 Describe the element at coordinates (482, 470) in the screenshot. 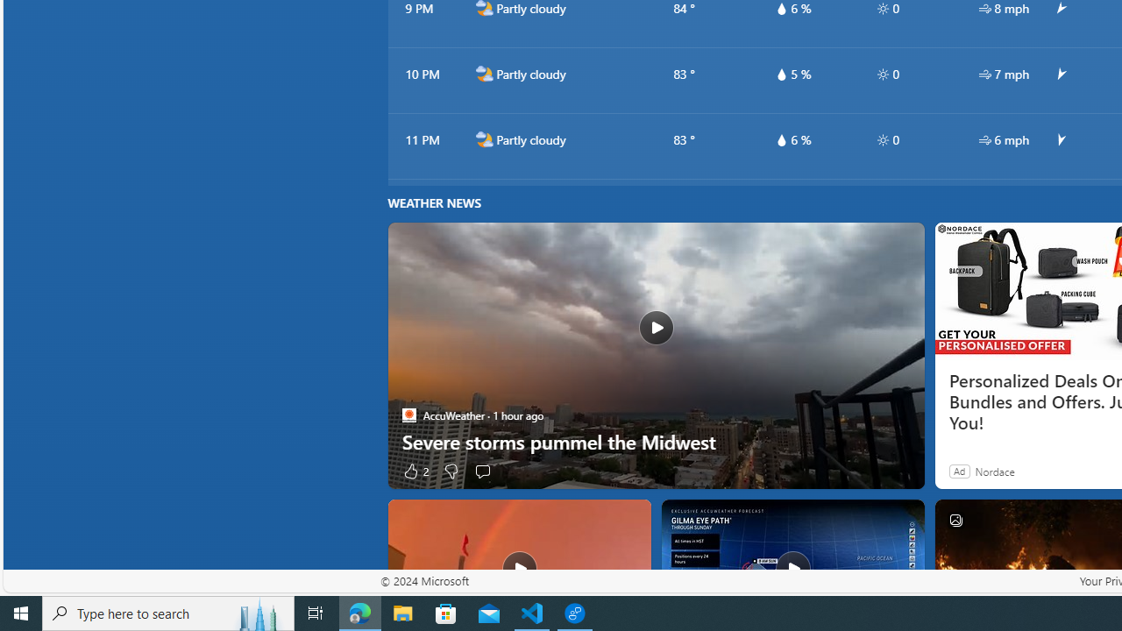

I see `'Start the conversation'` at that location.